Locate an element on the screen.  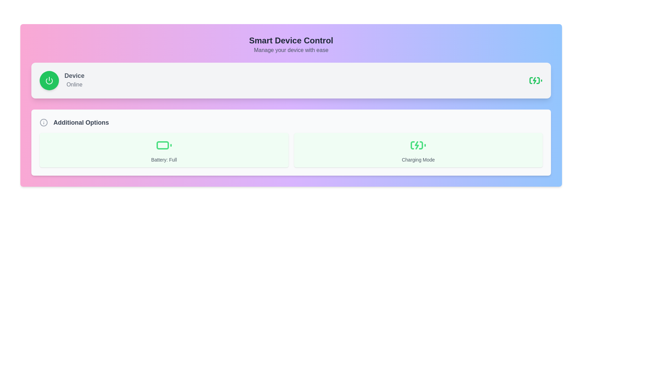
the bold gray static text label 'Device' that is prominently displayed in a larger font size within a card, located in the upper left corner above the smaller text 'Online' is located at coordinates (74, 75).